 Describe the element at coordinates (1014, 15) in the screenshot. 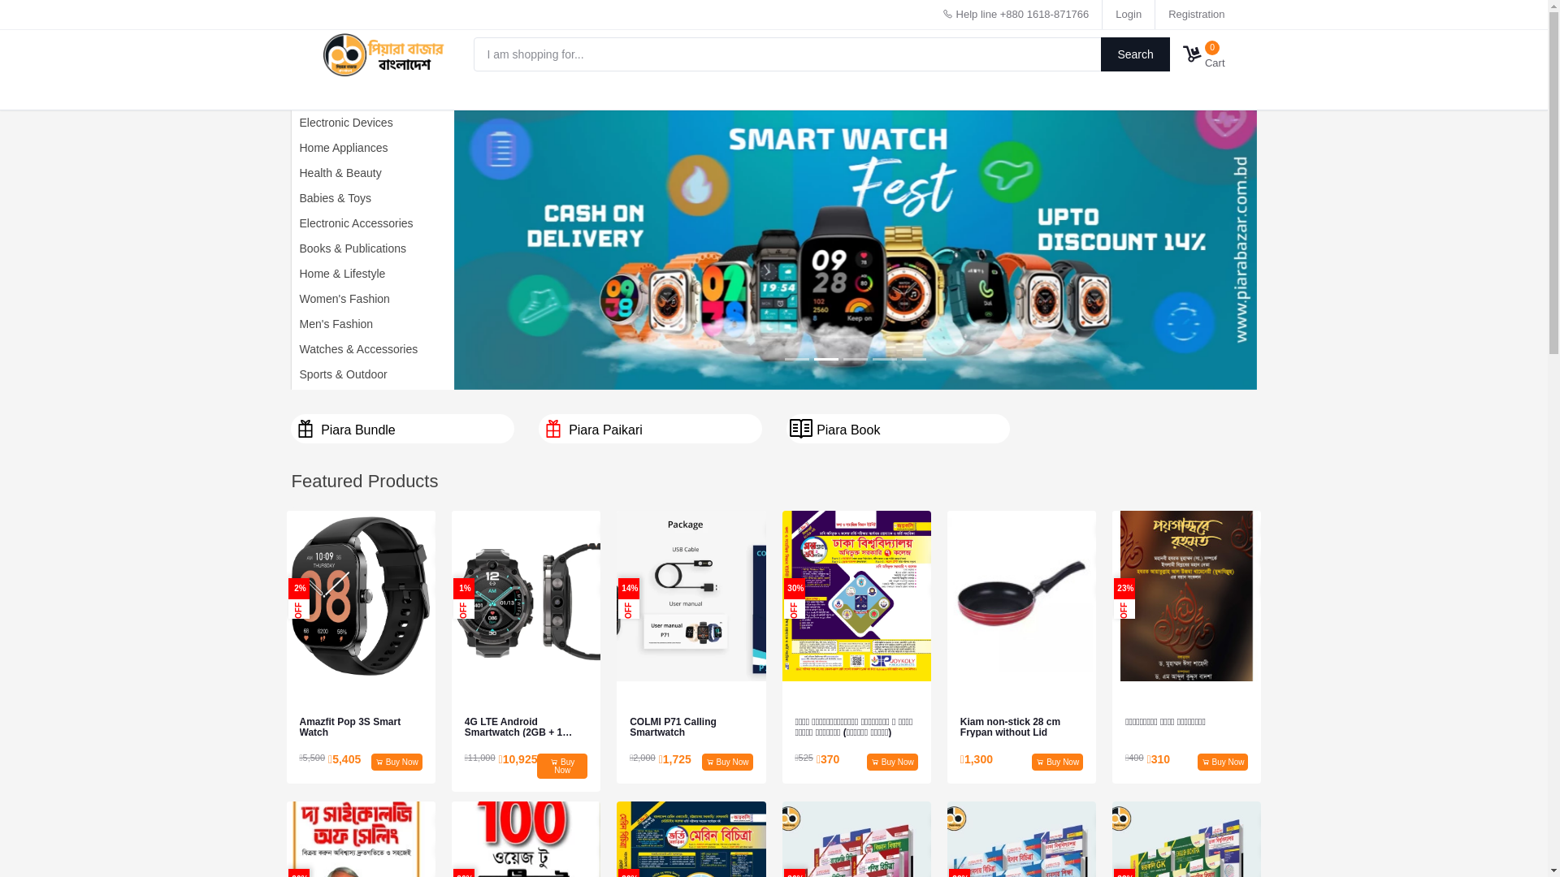

I see `'Help line +880 1618-871766'` at that location.